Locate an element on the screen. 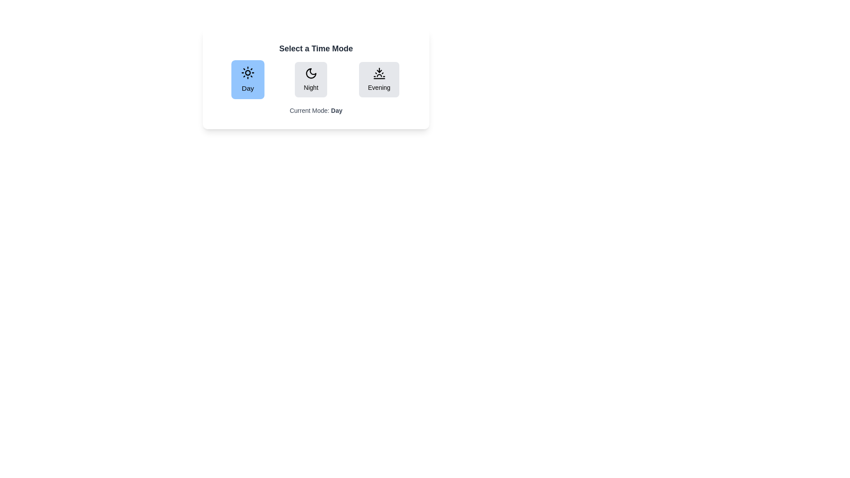 The width and height of the screenshot is (850, 478). the button corresponding to the mode Evening is located at coordinates (379, 80).